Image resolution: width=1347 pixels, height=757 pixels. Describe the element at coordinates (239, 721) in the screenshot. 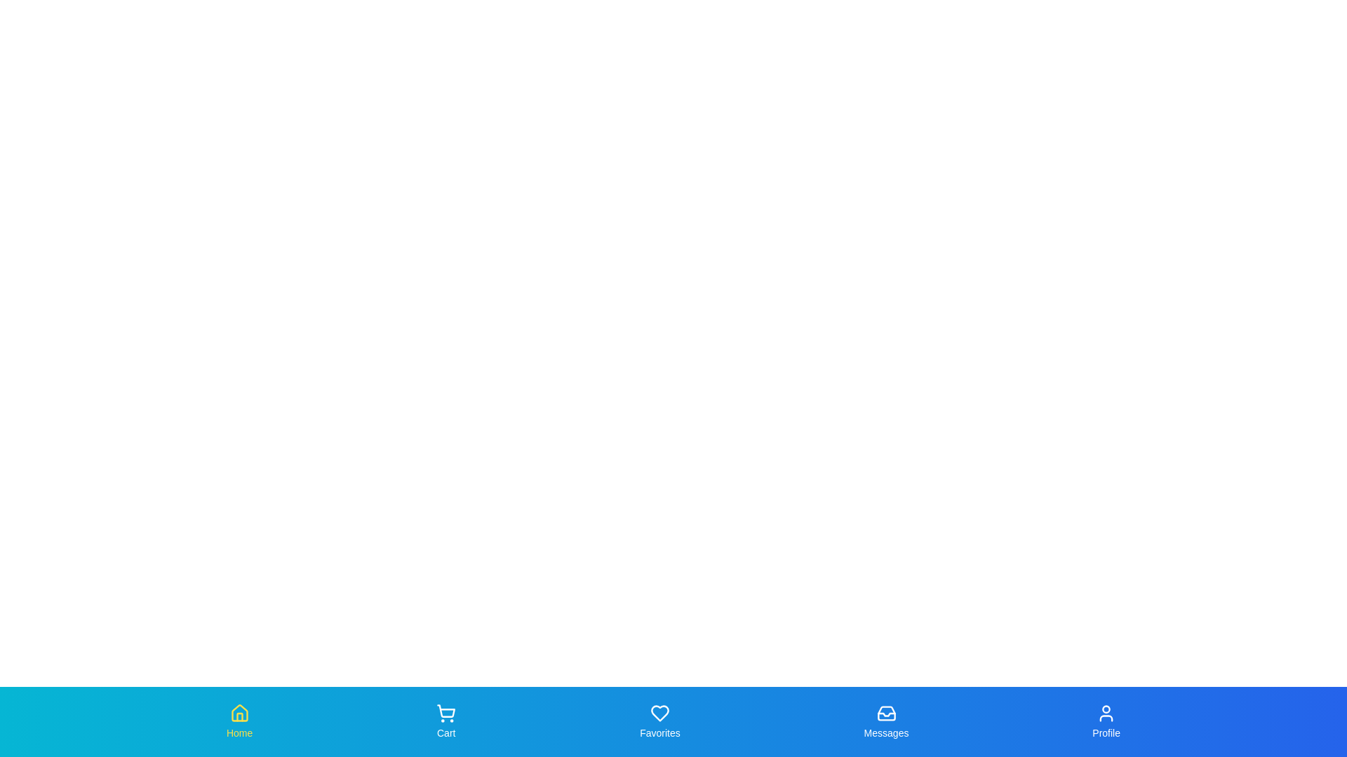

I see `the tab labeled Home by clicking on it` at that location.